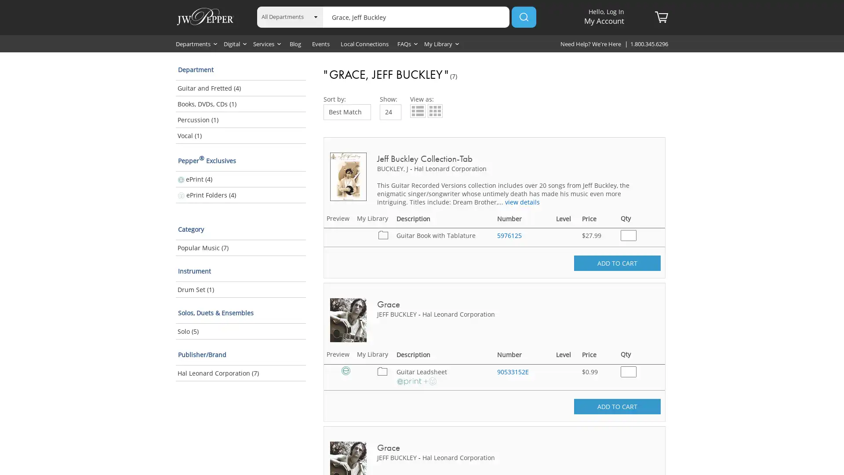 The width and height of the screenshot is (844, 475). Describe the element at coordinates (617, 406) in the screenshot. I see `ADD TO CART` at that location.